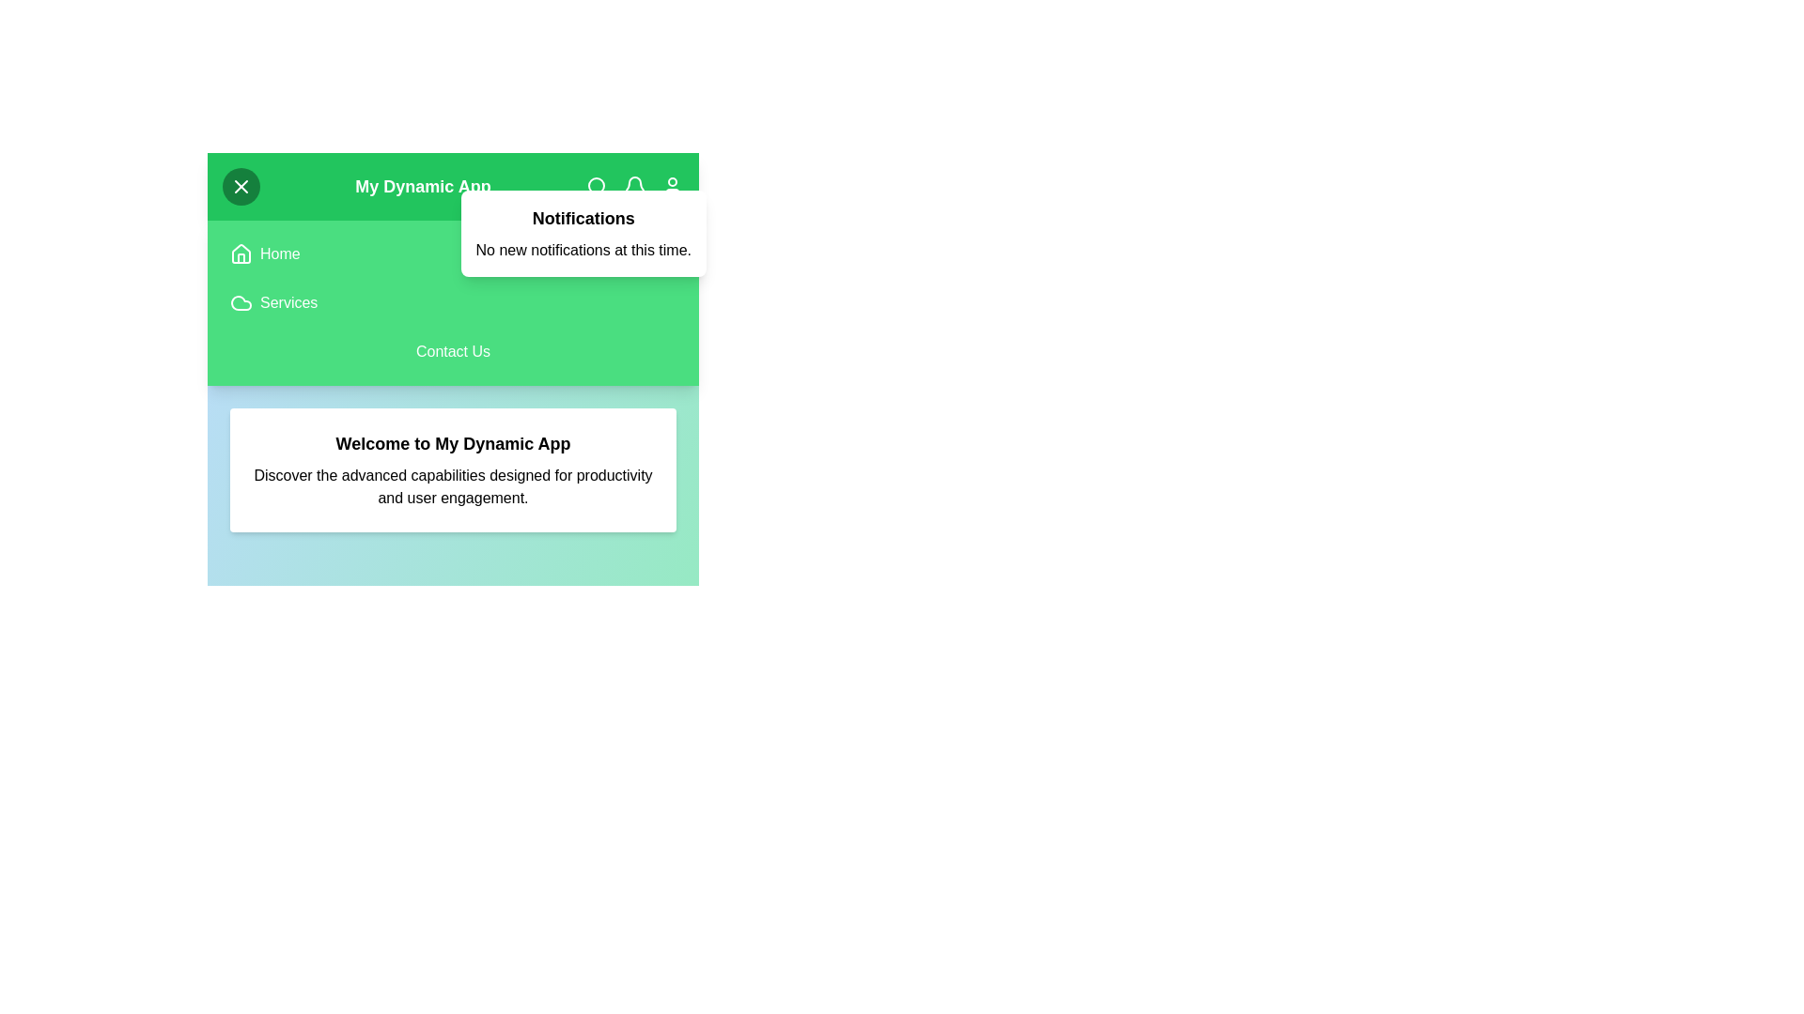 The height and width of the screenshot is (1014, 1804). I want to click on the bell icon to toggle the notifications panel visibility, so click(635, 187).